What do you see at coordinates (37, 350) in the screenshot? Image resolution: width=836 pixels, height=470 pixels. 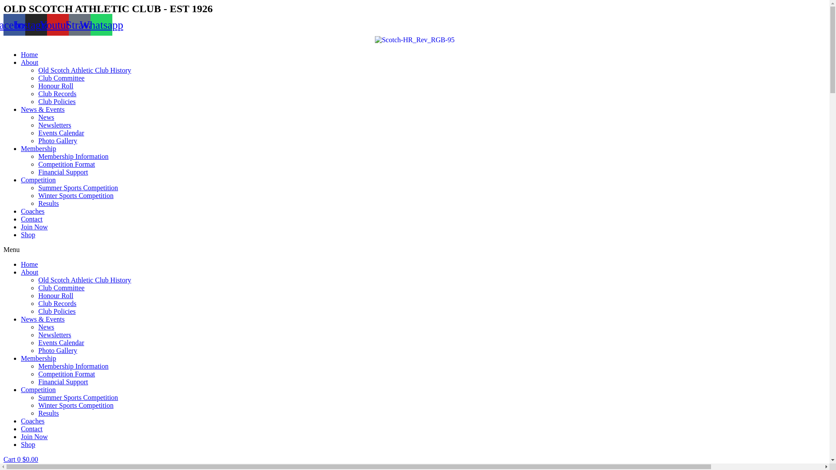 I see `'Photo Gallery'` at bounding box center [37, 350].